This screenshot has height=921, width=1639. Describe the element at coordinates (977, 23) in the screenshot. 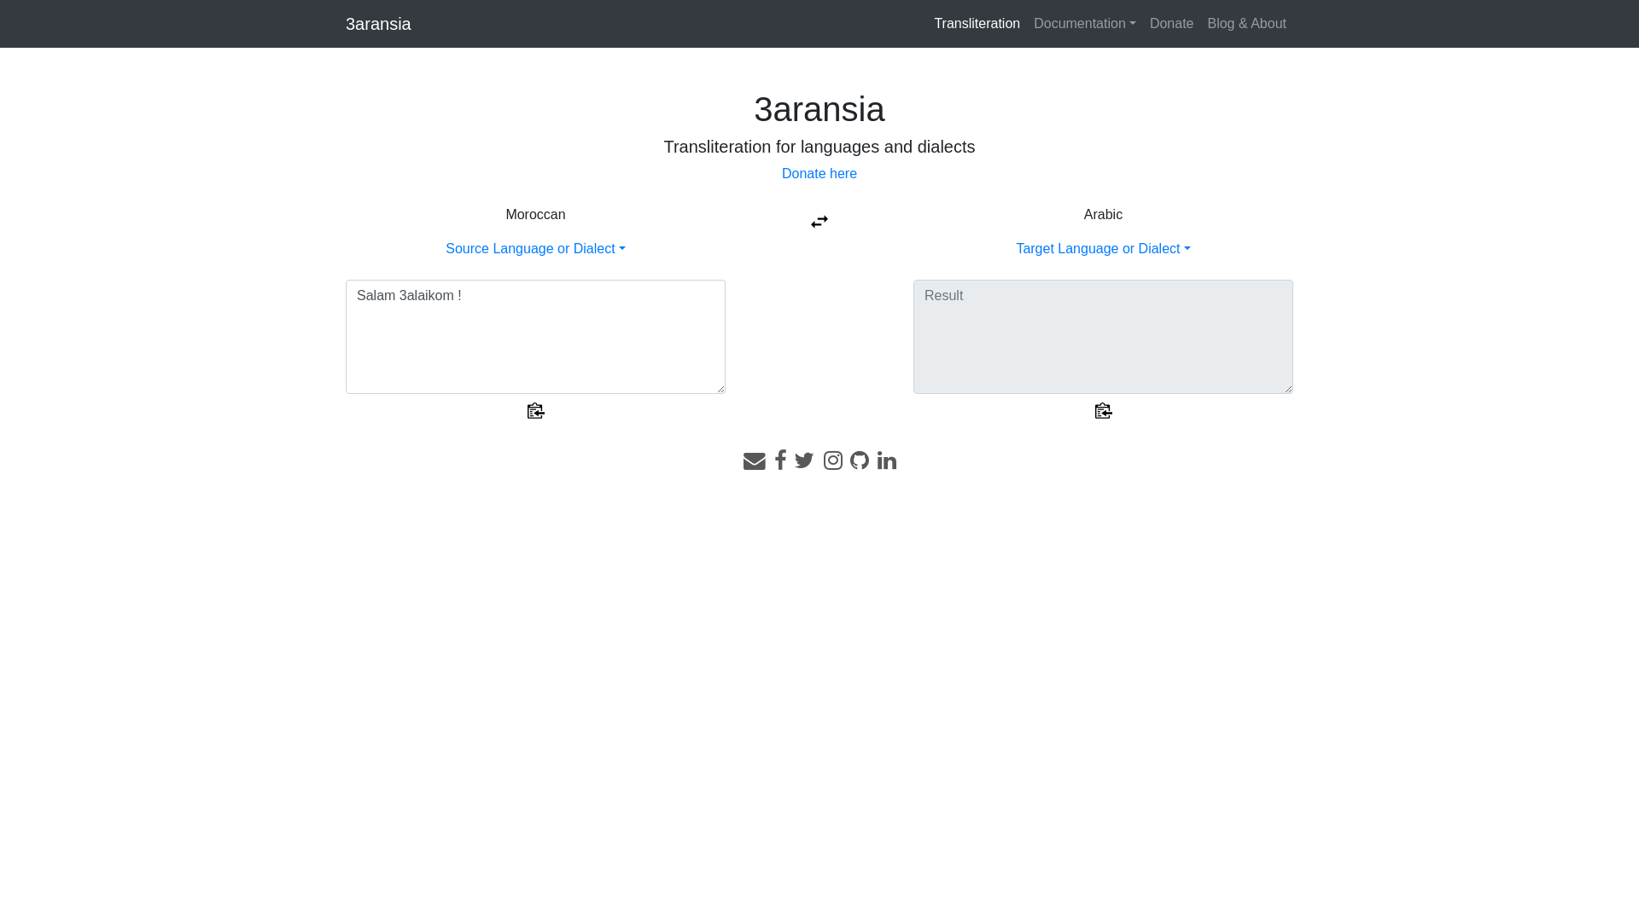

I see `'Transliteration'` at that location.